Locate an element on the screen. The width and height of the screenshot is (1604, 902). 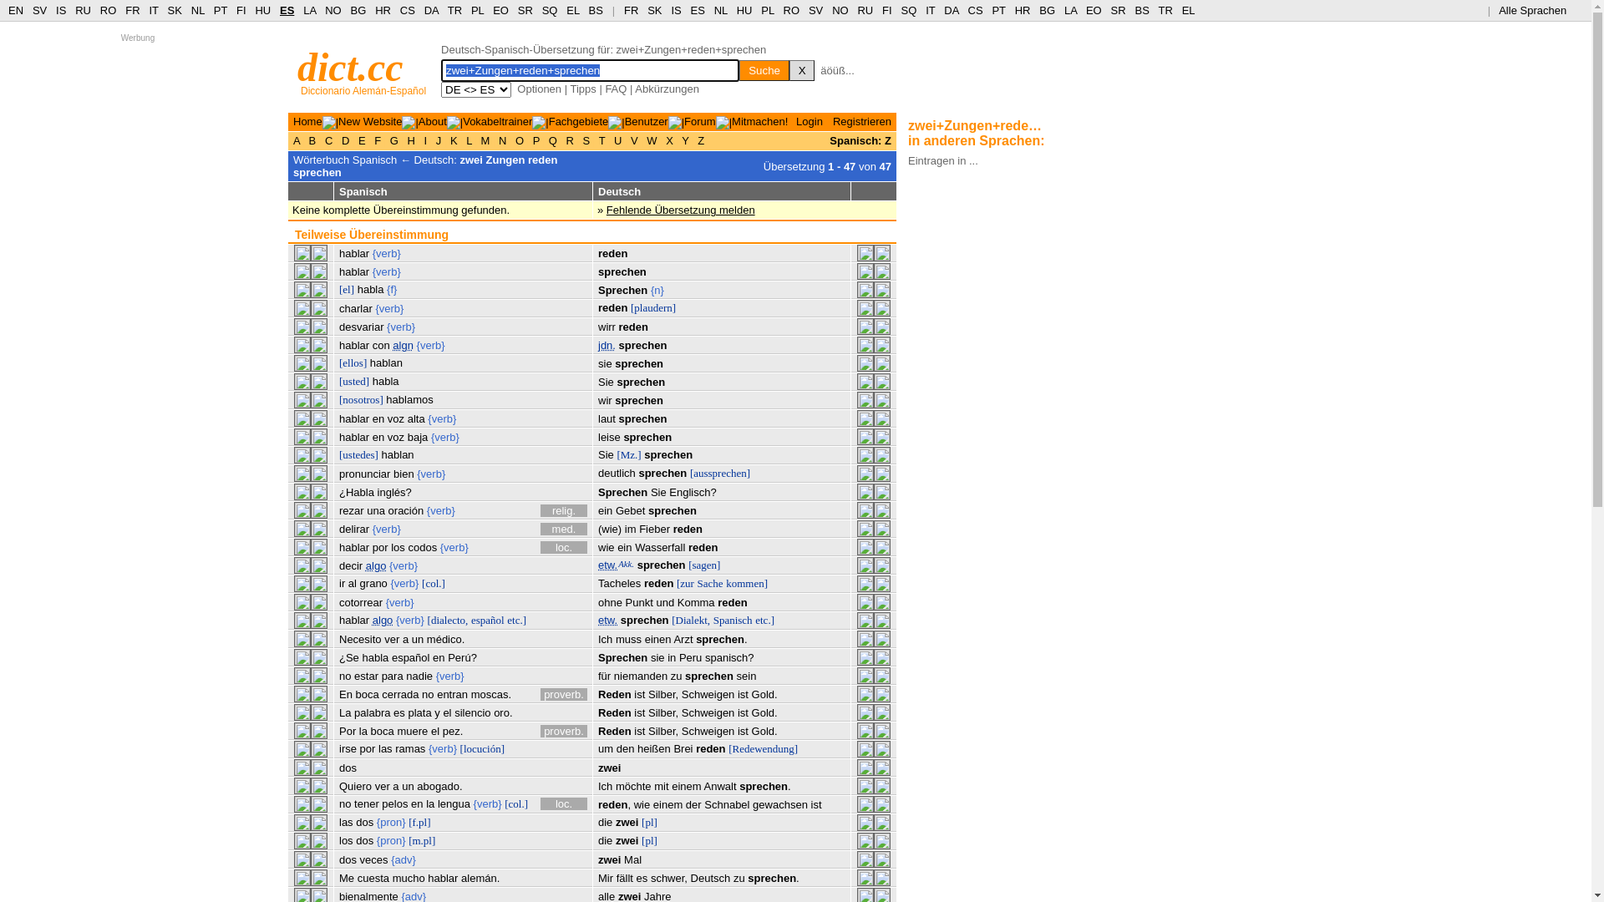
'Z' is located at coordinates (701, 139).